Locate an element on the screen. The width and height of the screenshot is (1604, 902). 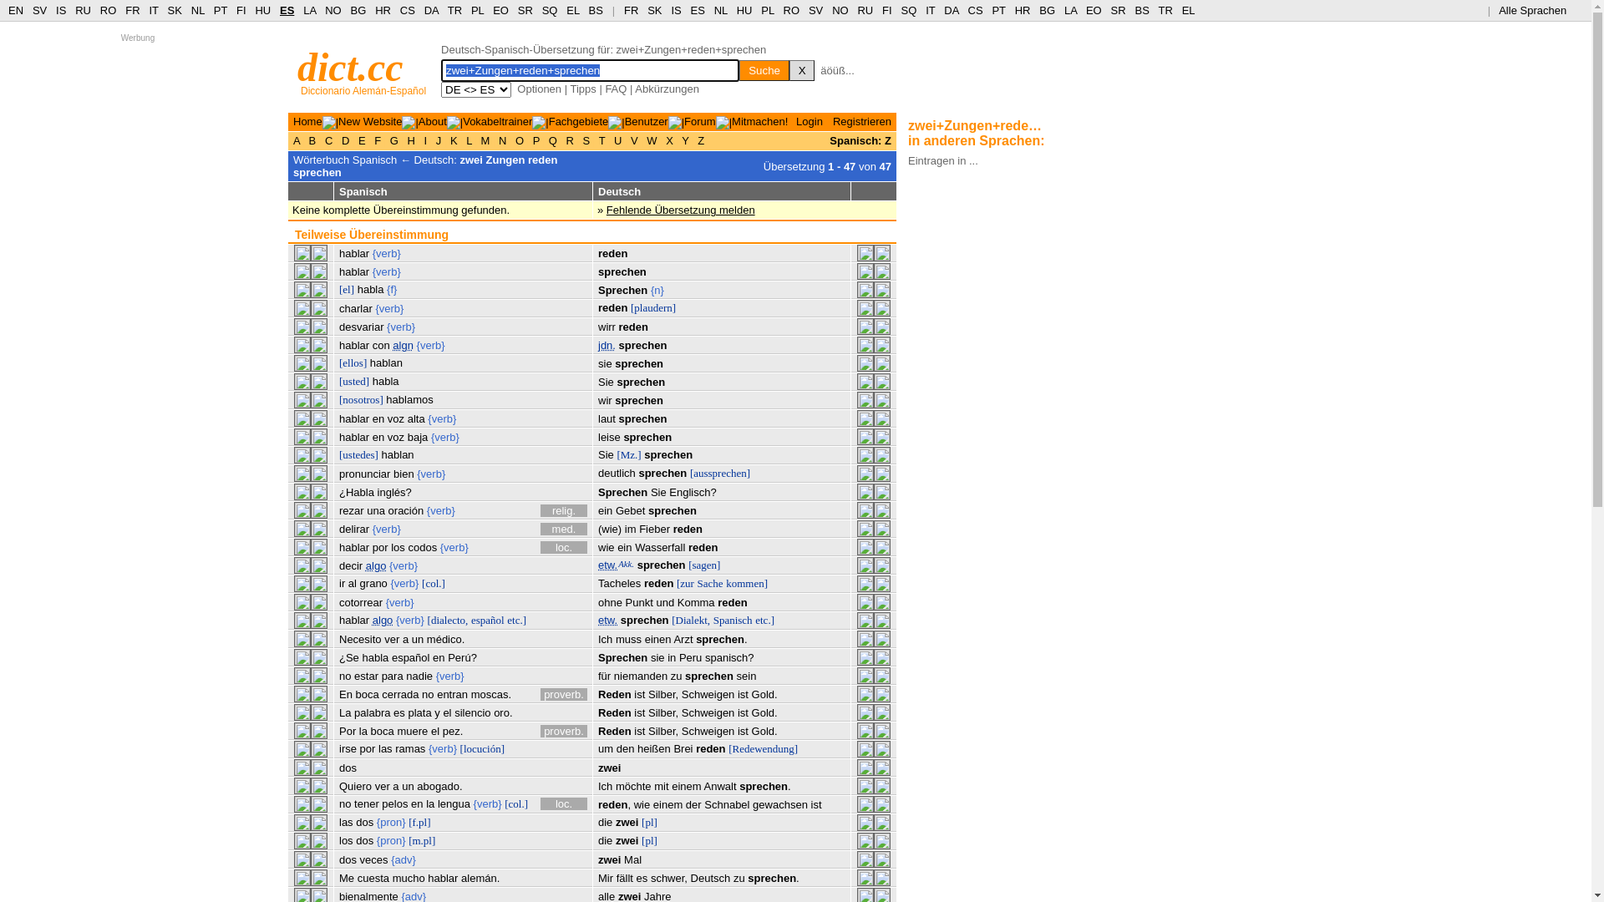
'Z' is located at coordinates (701, 139).